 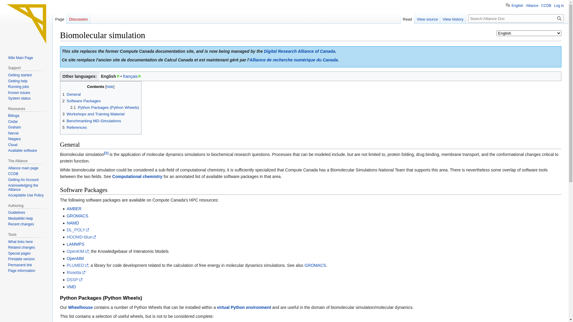 I want to click on 'Page information', so click(x=21, y=270).